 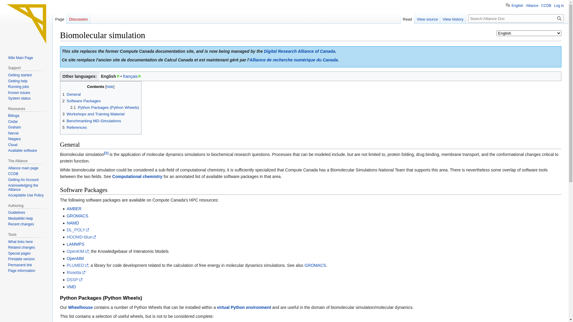 I want to click on 'Page information', so click(x=21, y=270).